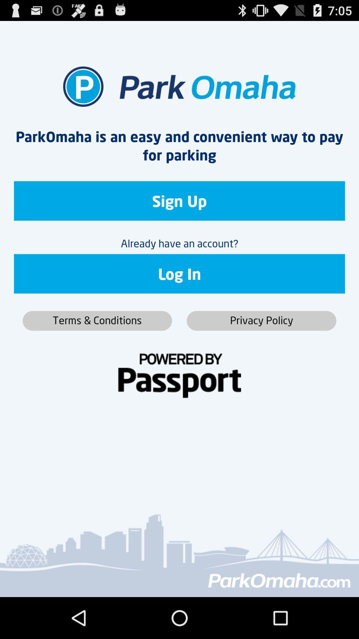  Describe the element at coordinates (179, 274) in the screenshot. I see `the icon below the already have an icon` at that location.